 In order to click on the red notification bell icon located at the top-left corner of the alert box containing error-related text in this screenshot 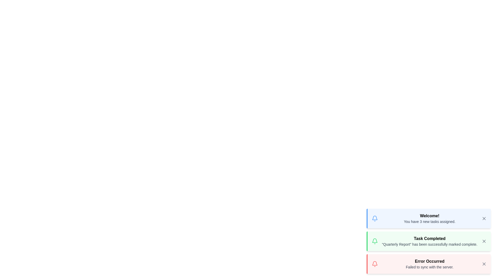, I will do `click(375, 264)`.